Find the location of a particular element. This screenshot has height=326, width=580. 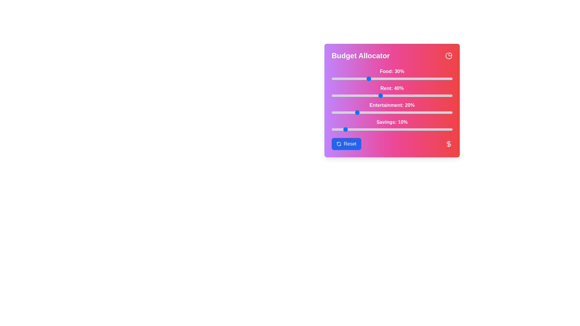

the savings percentage is located at coordinates (426, 129).